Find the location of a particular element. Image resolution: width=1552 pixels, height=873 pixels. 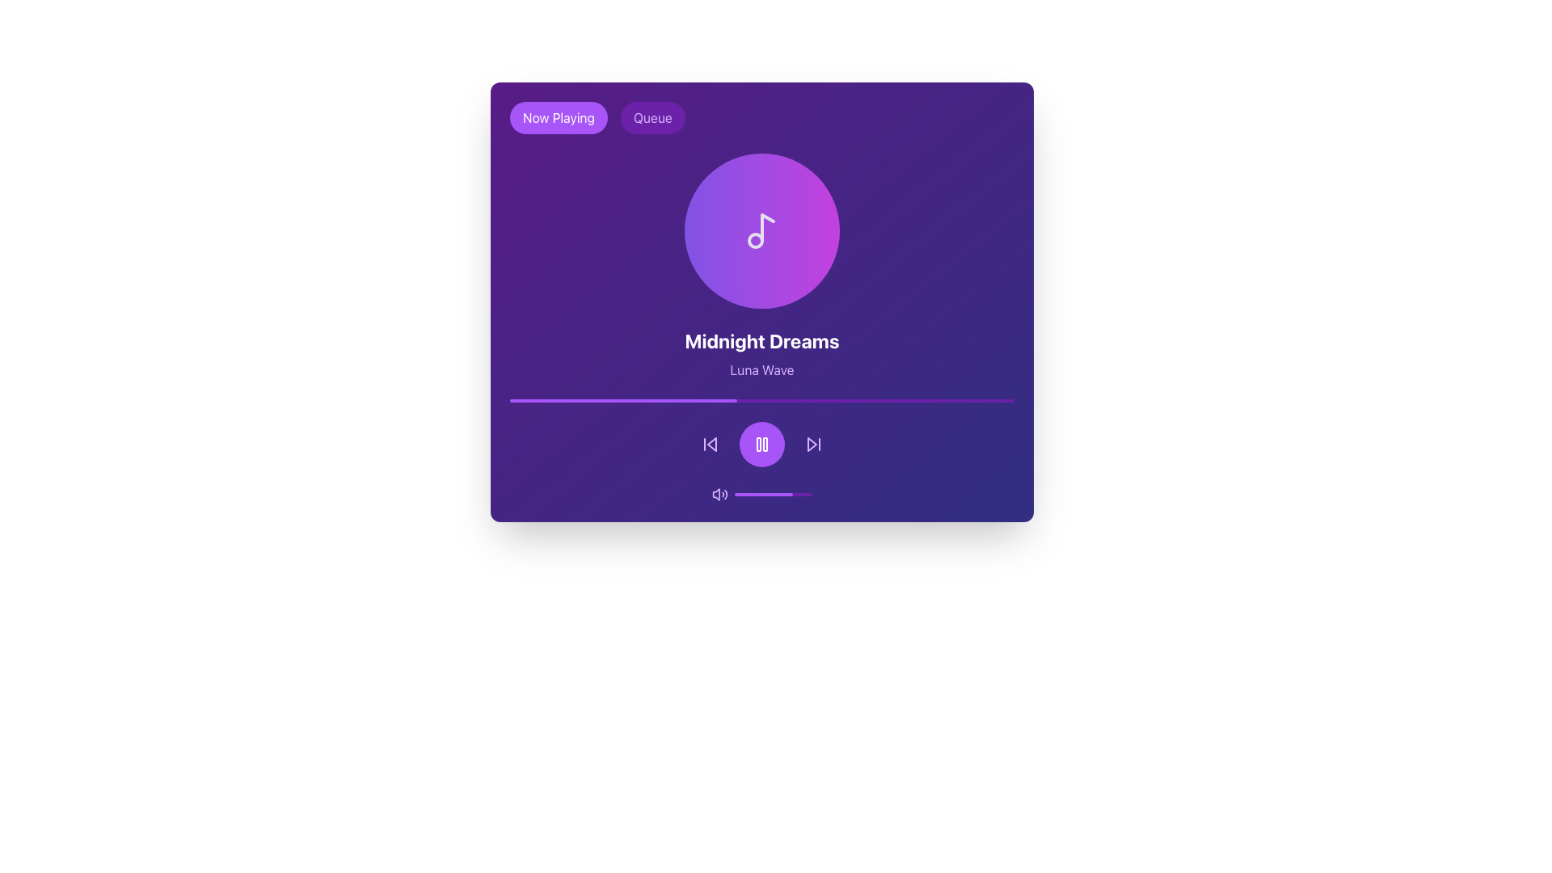

the white 'pause' icon represented by two vertical bars located on a purple circular button at the bottom center of the card layout is located at coordinates (761, 445).